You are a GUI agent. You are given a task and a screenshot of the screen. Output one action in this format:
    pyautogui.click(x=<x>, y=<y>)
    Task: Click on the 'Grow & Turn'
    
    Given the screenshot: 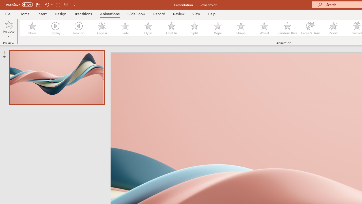 What is the action you would take?
    pyautogui.click(x=310, y=28)
    